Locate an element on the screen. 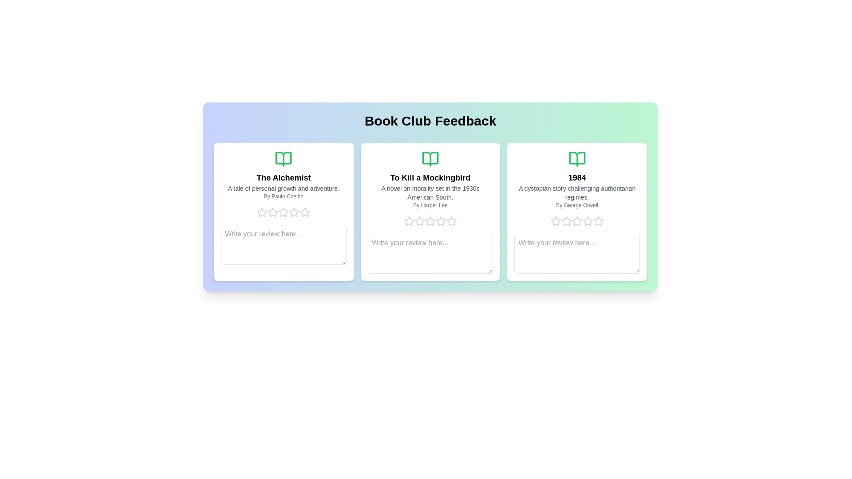 Image resolution: width=852 pixels, height=479 pixels. the third star icon in the star rating component below the title 'The Alchemist' is located at coordinates (305, 212).